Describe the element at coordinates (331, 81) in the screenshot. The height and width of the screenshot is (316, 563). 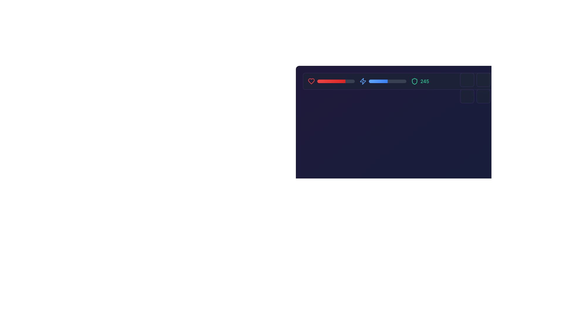
I see `the value represented by the Progress bar segment located in the top-left section of the interface, which visually indicates a numerical metric such as health or energy` at that location.